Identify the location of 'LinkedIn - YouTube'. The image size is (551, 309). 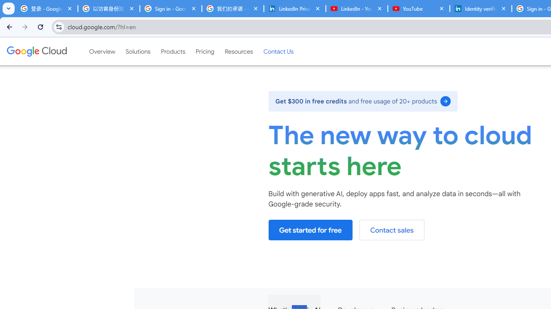
(356, 9).